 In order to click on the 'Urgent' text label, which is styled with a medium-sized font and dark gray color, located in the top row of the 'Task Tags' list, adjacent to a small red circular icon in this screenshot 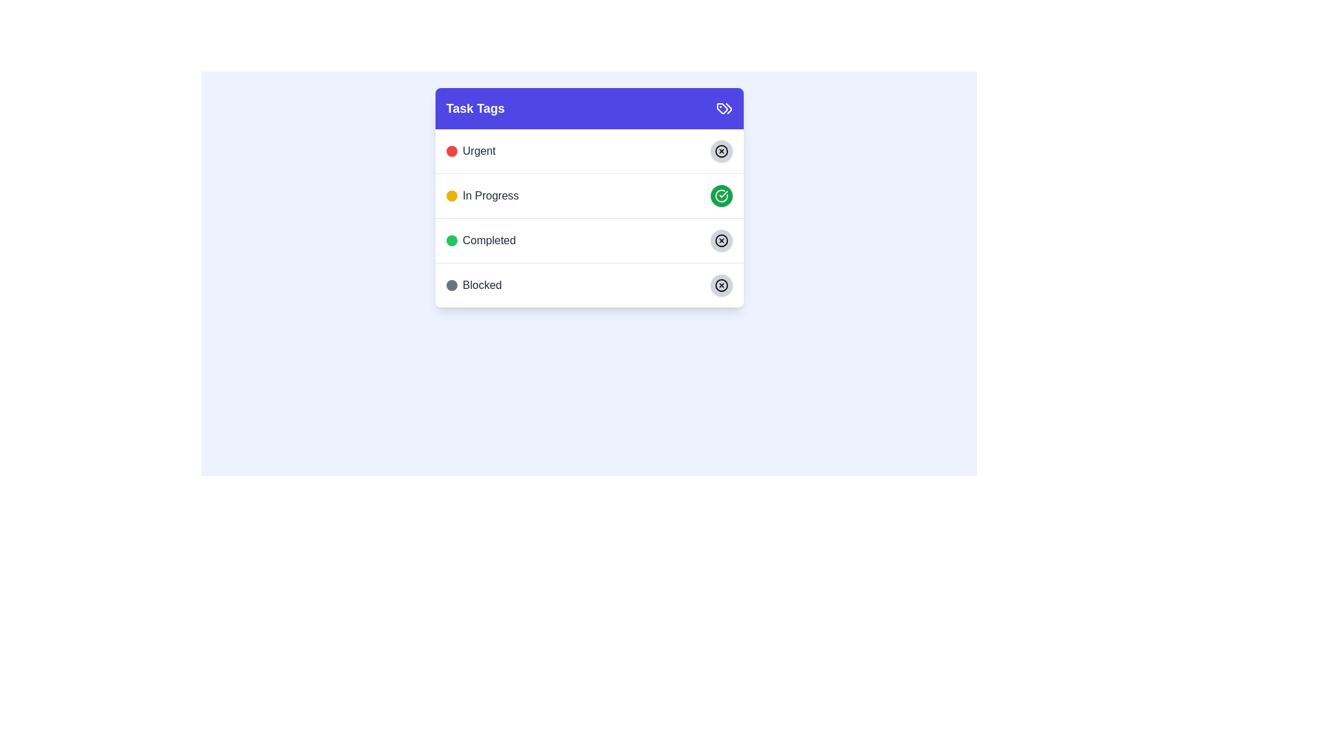, I will do `click(479, 151)`.